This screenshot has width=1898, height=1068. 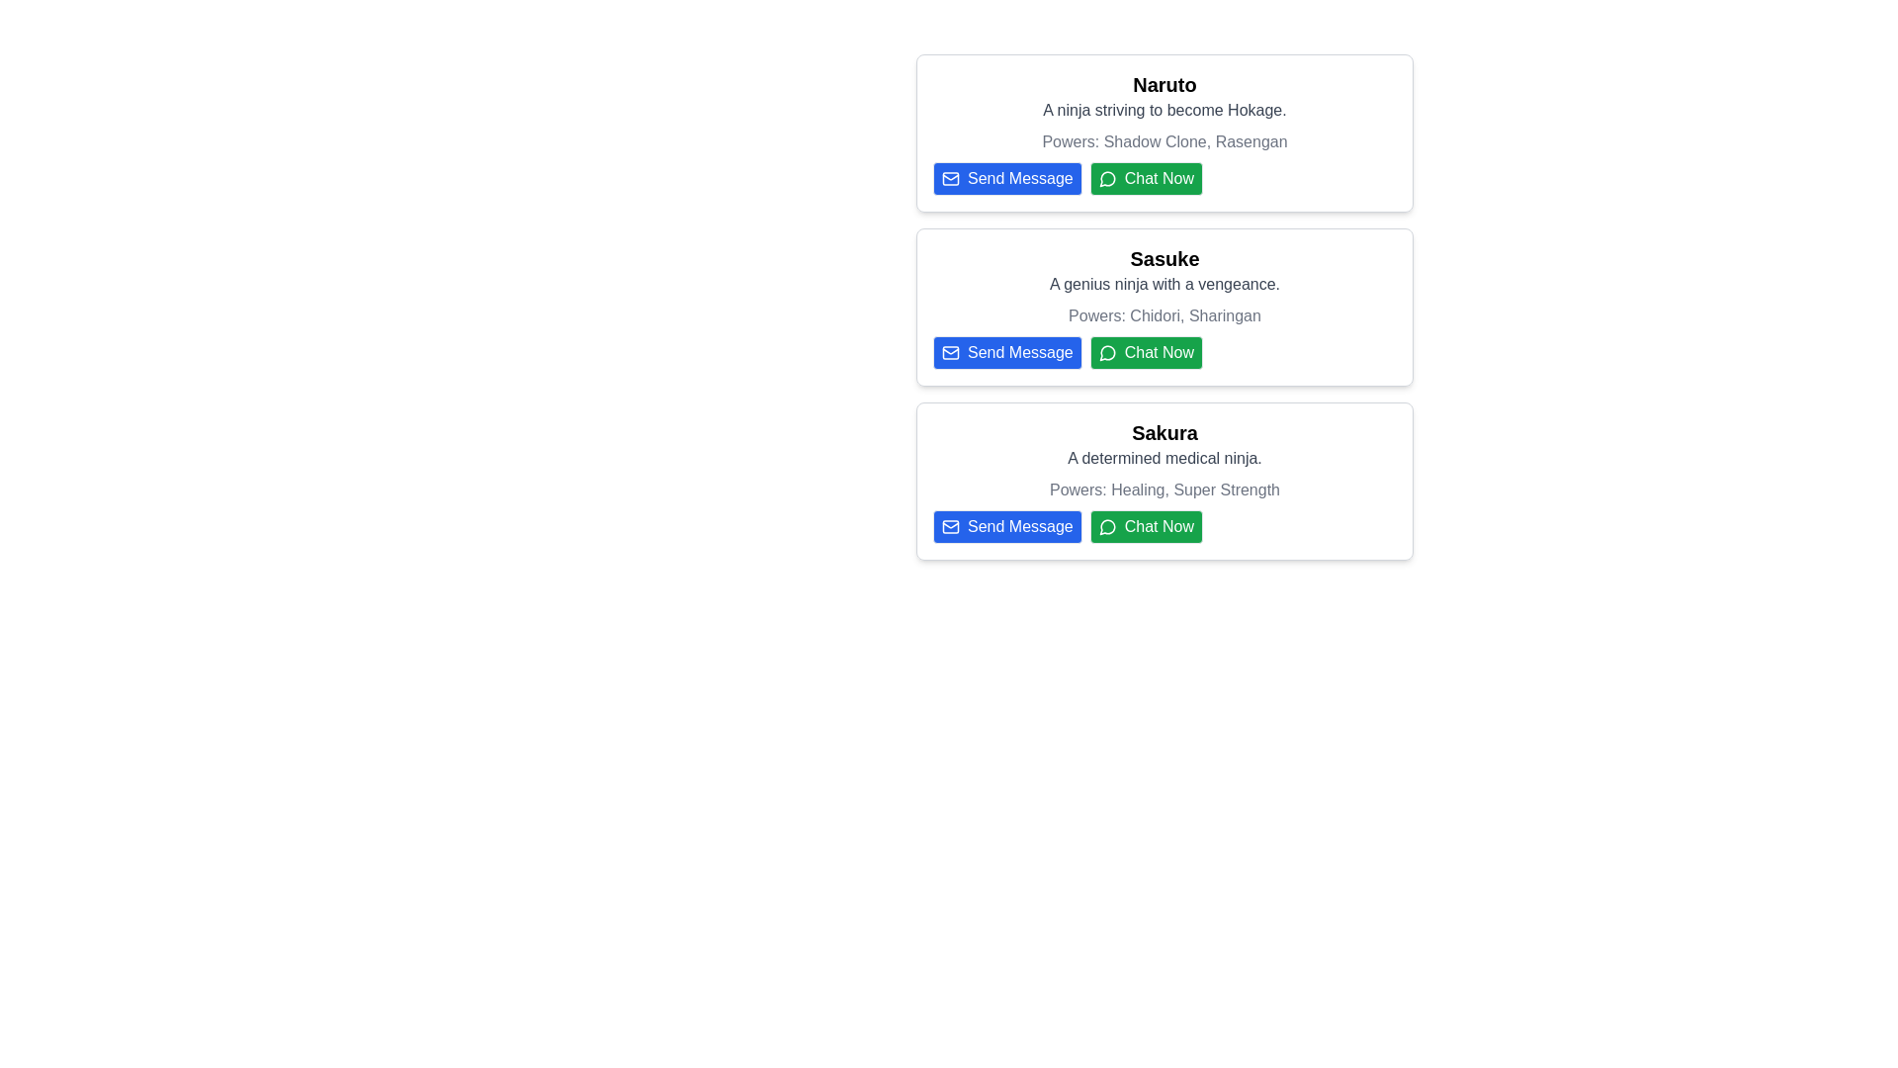 I want to click on the green 'Chat Now' button with a speech bubble icon located in the bottom-right corner of the 'Sakura' card to initiate a chat, so click(x=1165, y=525).